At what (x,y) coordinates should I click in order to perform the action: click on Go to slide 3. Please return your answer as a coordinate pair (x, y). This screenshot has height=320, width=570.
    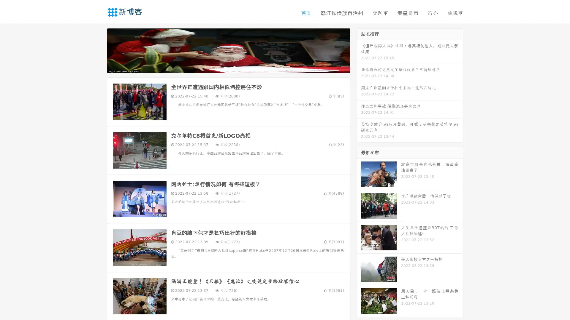
    Looking at the image, I should click on (234, 67).